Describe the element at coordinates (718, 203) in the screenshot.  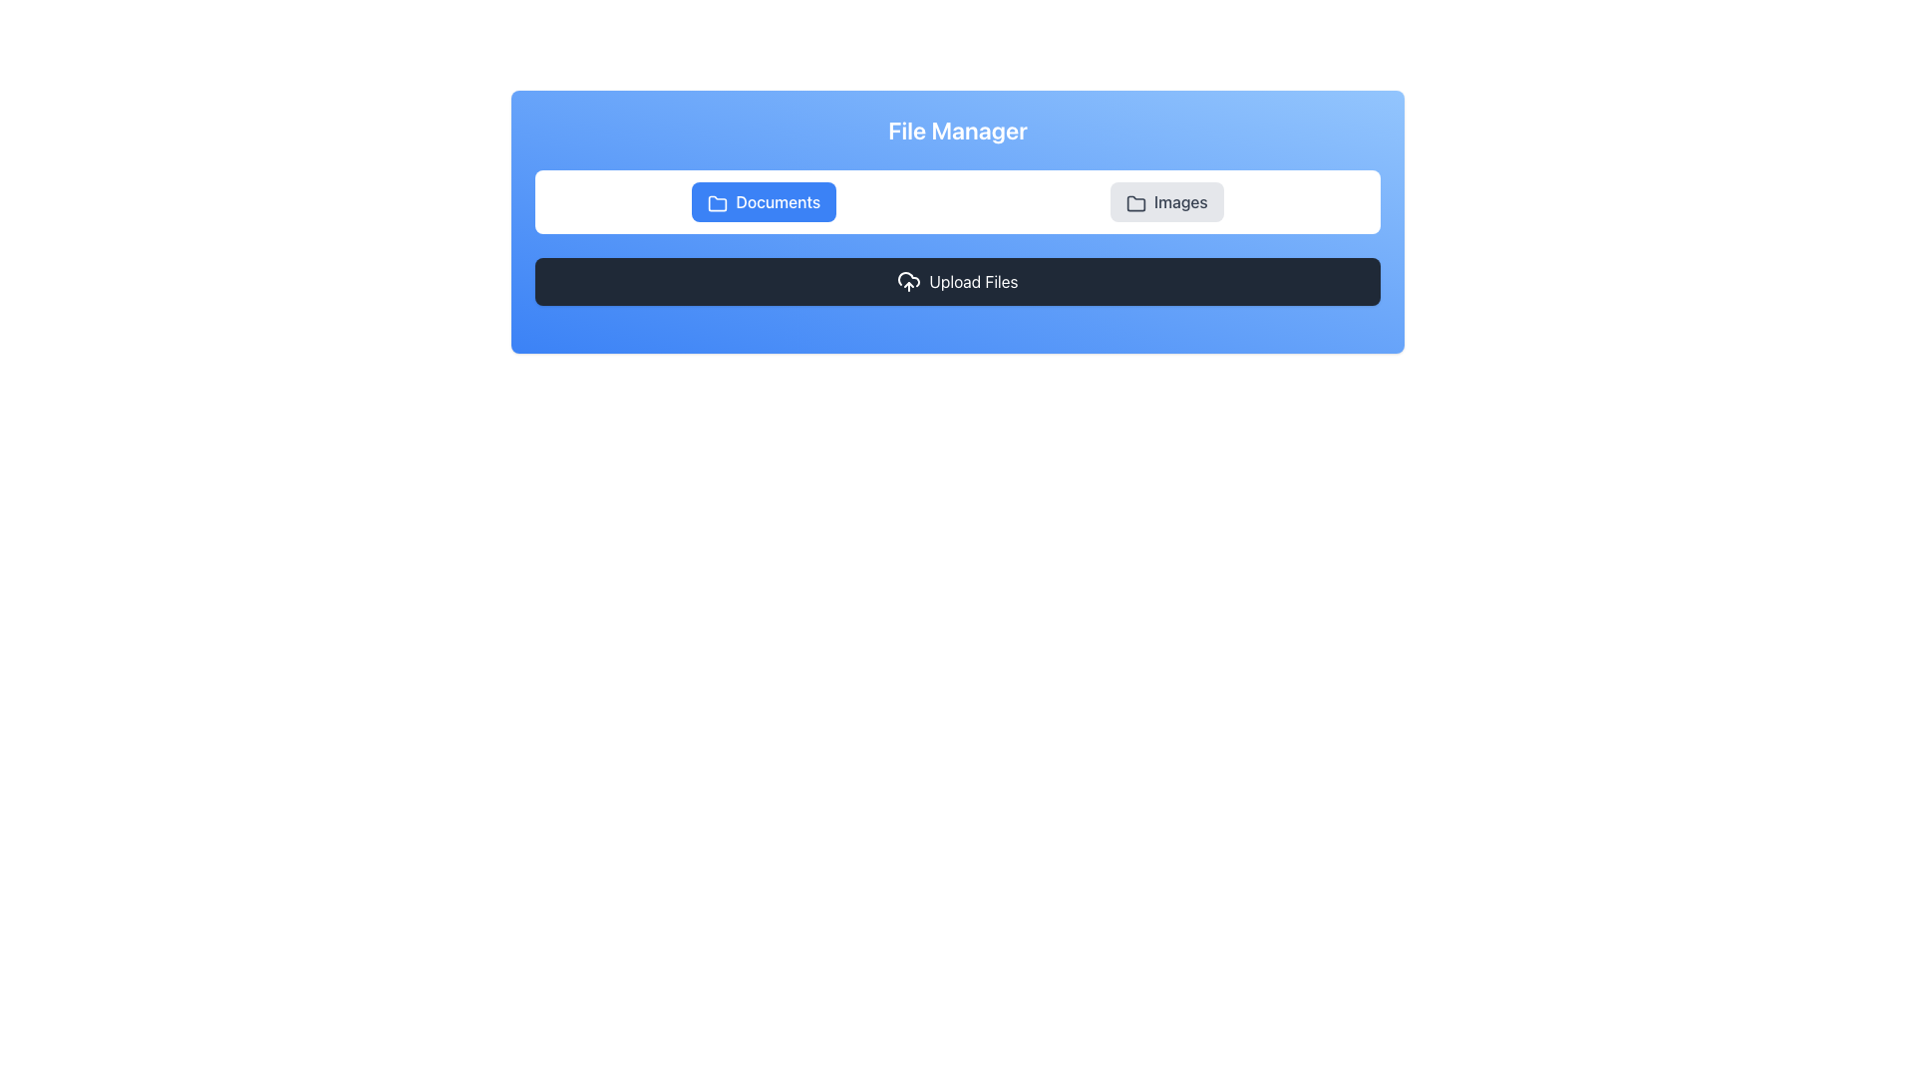
I see `the folder icon that is part of the 'Documents' button located in the top-center of the interface, directly to the left of its associated text label` at that location.